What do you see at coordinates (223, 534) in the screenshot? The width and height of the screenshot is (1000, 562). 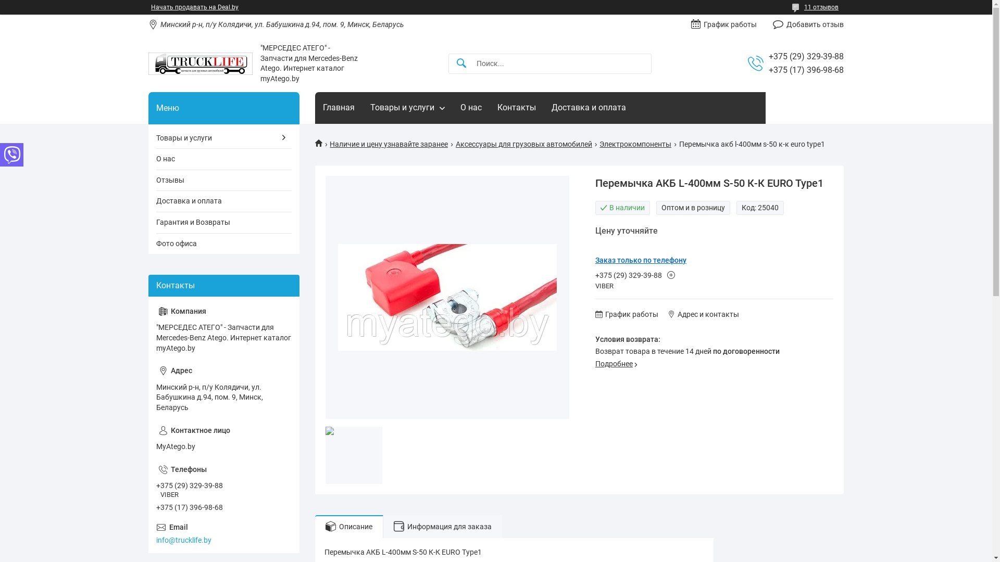 I see `'info@trucklife.by'` at bounding box center [223, 534].